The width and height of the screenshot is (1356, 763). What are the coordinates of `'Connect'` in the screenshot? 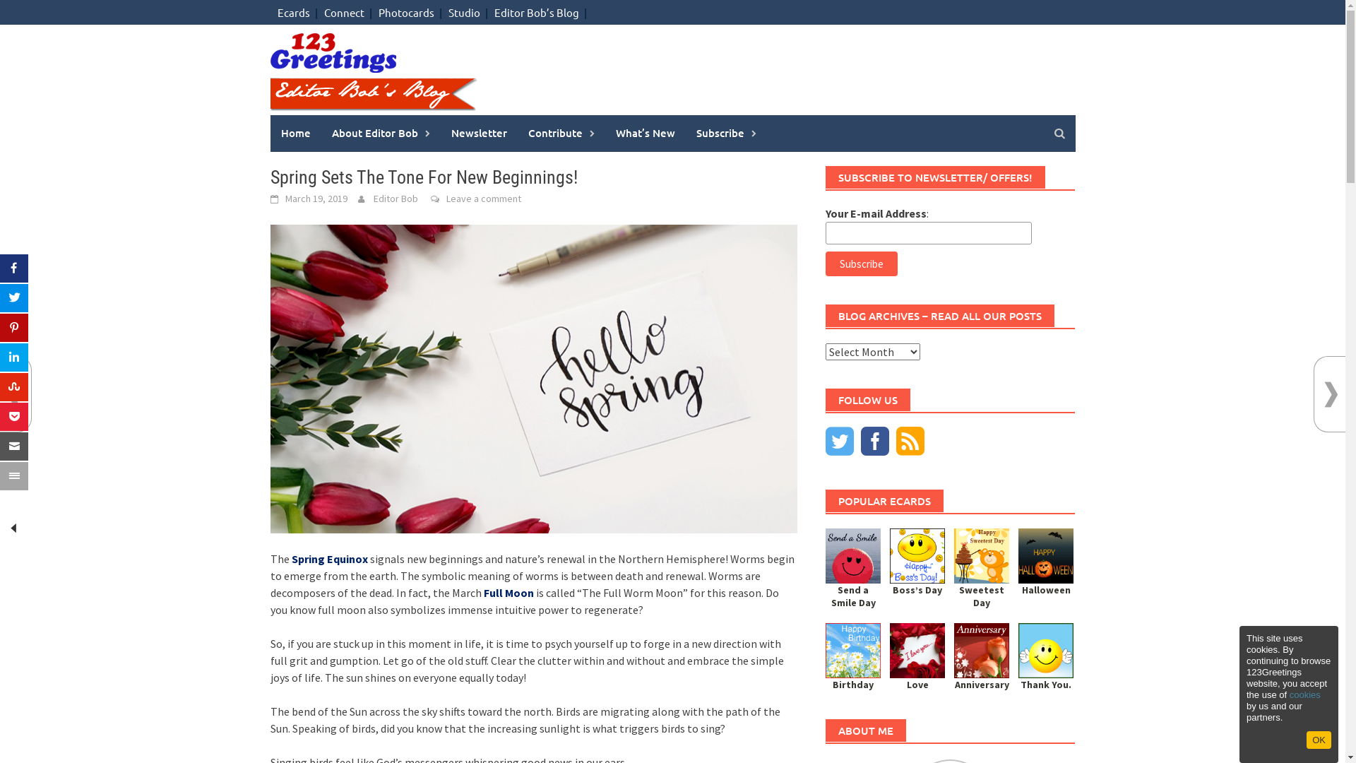 It's located at (343, 12).